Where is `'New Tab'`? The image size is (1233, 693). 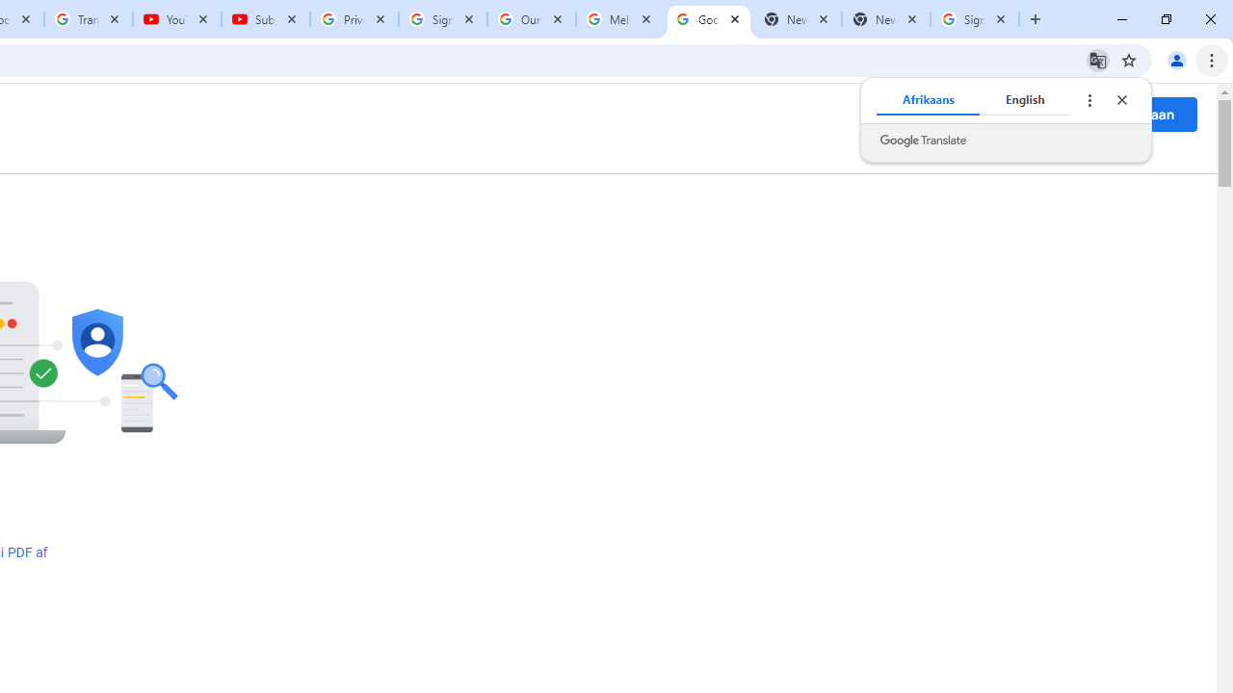
'New Tab' is located at coordinates (885, 19).